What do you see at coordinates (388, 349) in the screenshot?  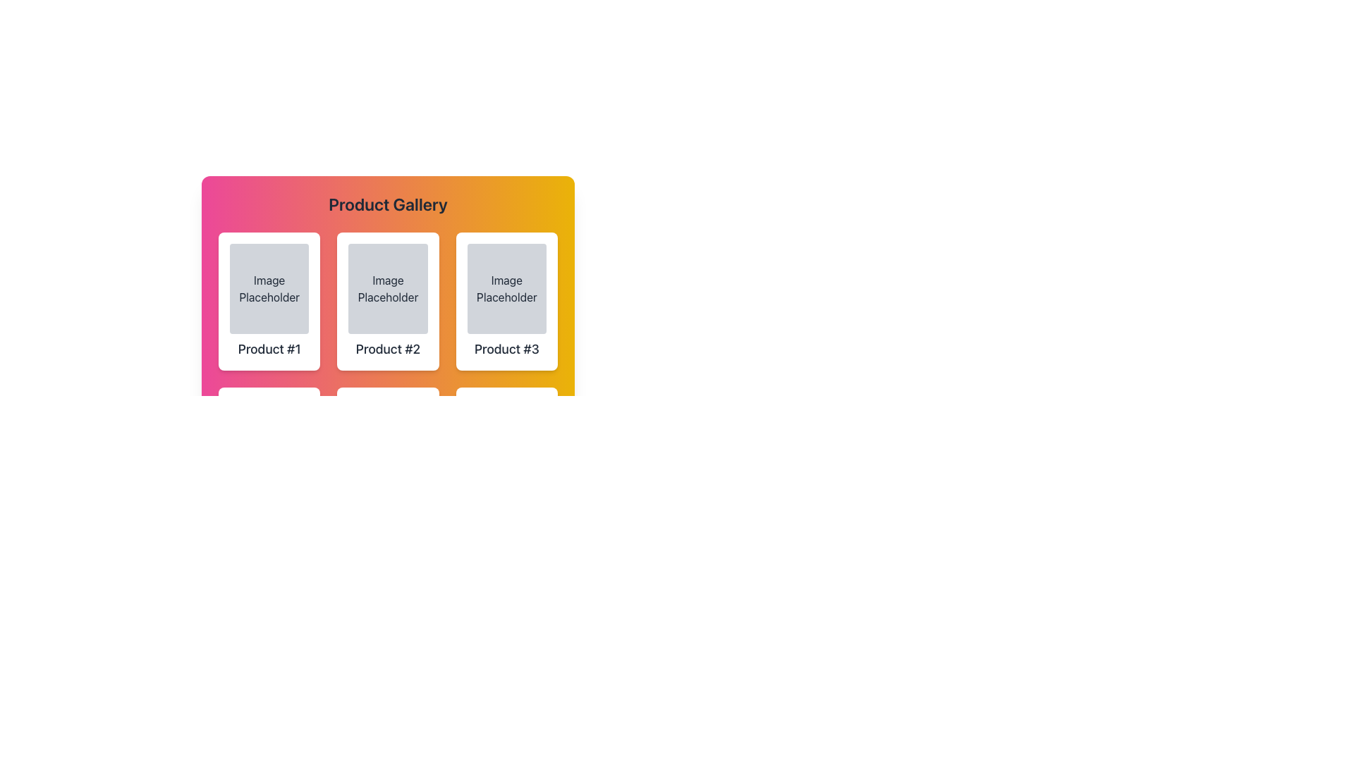 I see `the Text Label that identifies the product in the second product card, which is located below the centered image placeholder` at bounding box center [388, 349].